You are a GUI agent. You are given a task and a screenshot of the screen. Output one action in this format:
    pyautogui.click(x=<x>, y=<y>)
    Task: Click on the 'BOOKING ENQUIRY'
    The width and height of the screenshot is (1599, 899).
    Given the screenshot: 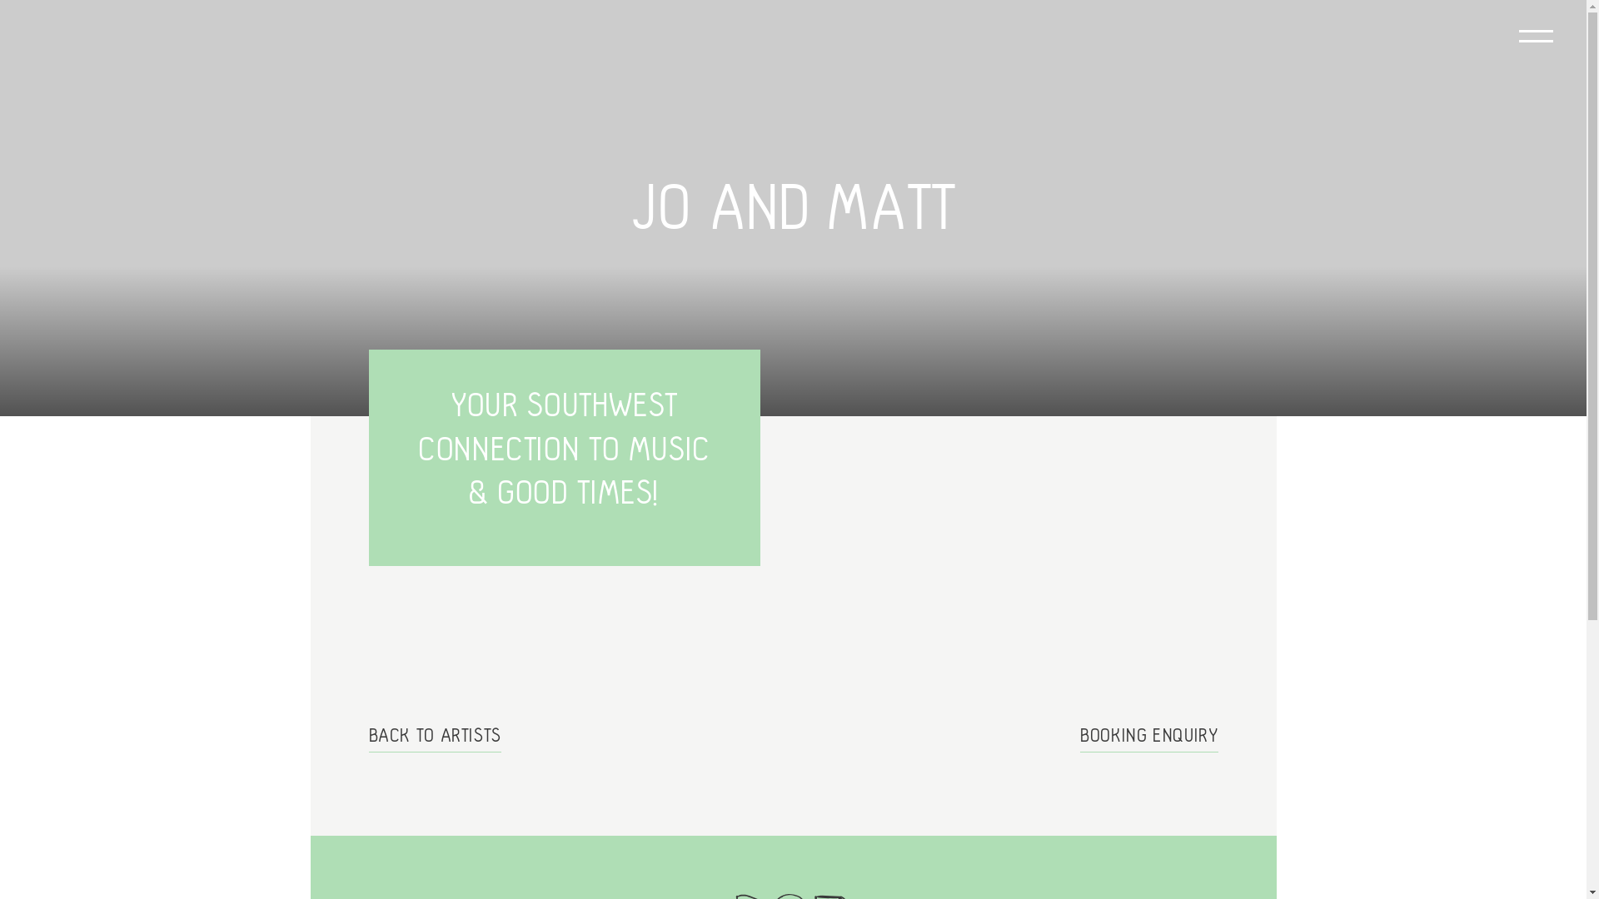 What is the action you would take?
    pyautogui.click(x=1148, y=735)
    